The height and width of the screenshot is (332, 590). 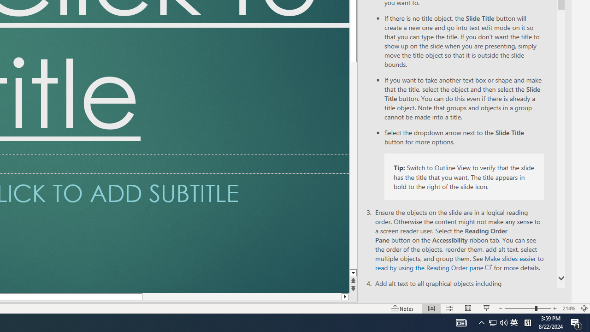 What do you see at coordinates (568, 308) in the screenshot?
I see `'Zoom 214%'` at bounding box center [568, 308].